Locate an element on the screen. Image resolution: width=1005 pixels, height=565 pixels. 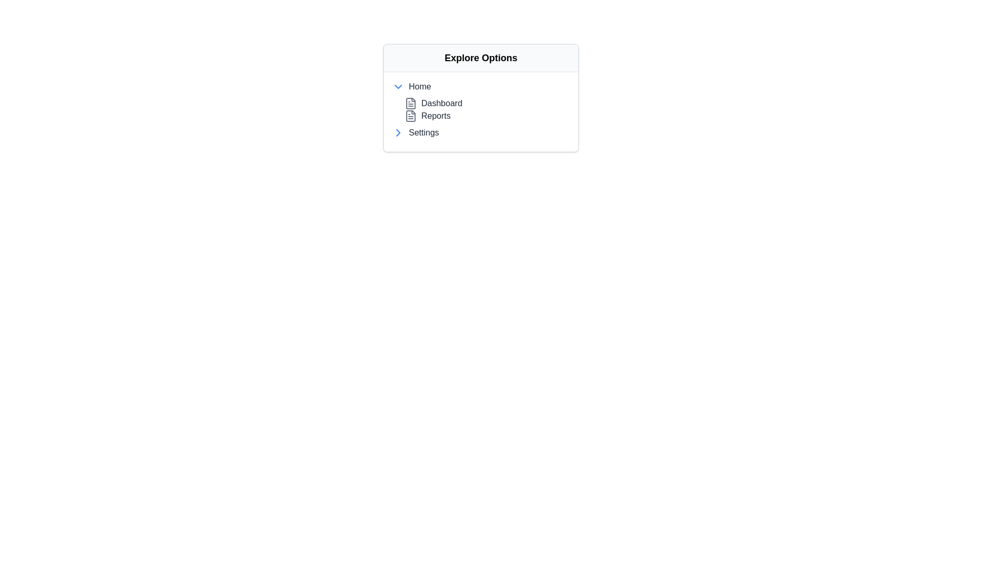
the 'Dashboard' icon, which is a visual indicator associated with the option and is located to the left of the text 'Dashboard' is located at coordinates (410, 103).